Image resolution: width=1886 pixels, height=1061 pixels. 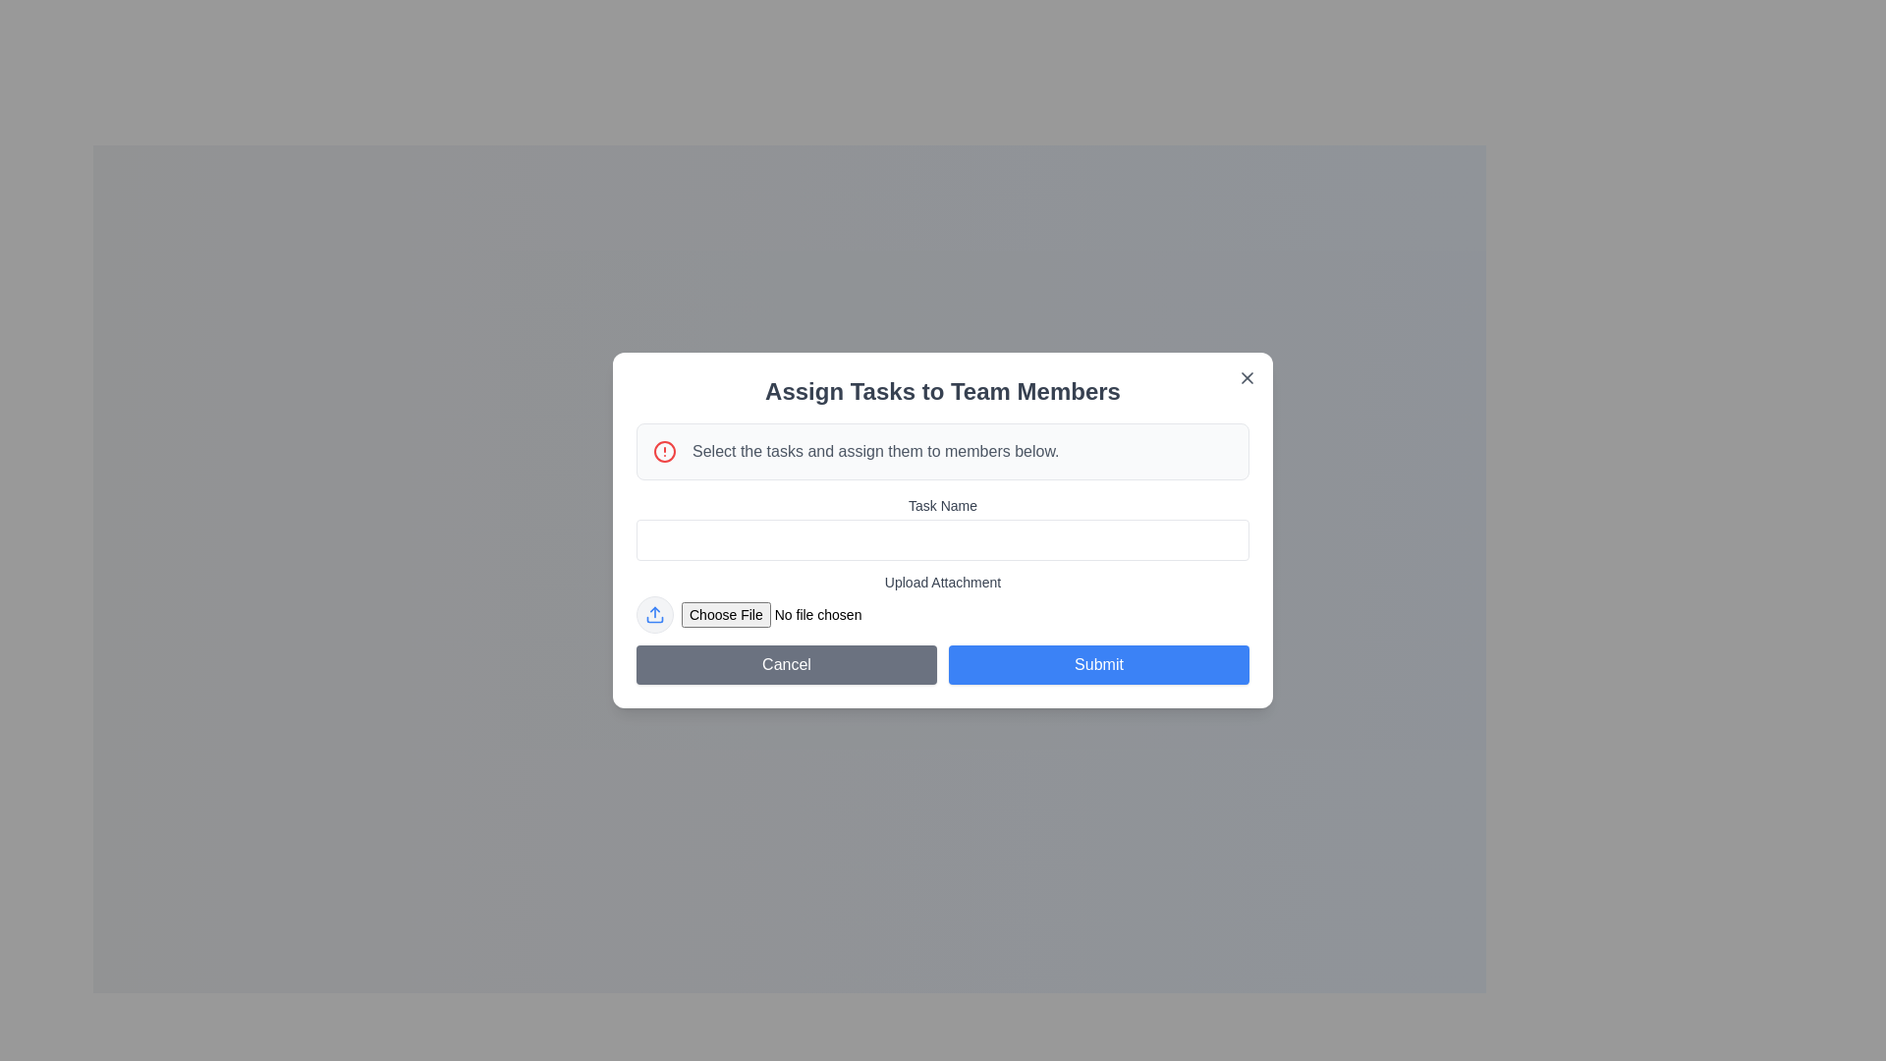 What do you see at coordinates (787, 664) in the screenshot?
I see `the 'Cancel' button, which is a rectangular button with rounded corners, gray background, and white text centered in it, located at the bottom-left of the modal window` at bounding box center [787, 664].